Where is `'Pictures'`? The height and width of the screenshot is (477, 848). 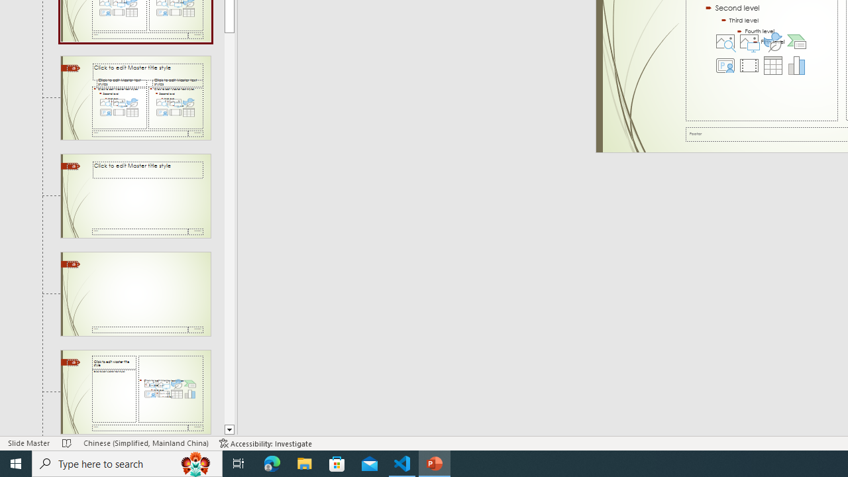
'Pictures' is located at coordinates (749, 40).